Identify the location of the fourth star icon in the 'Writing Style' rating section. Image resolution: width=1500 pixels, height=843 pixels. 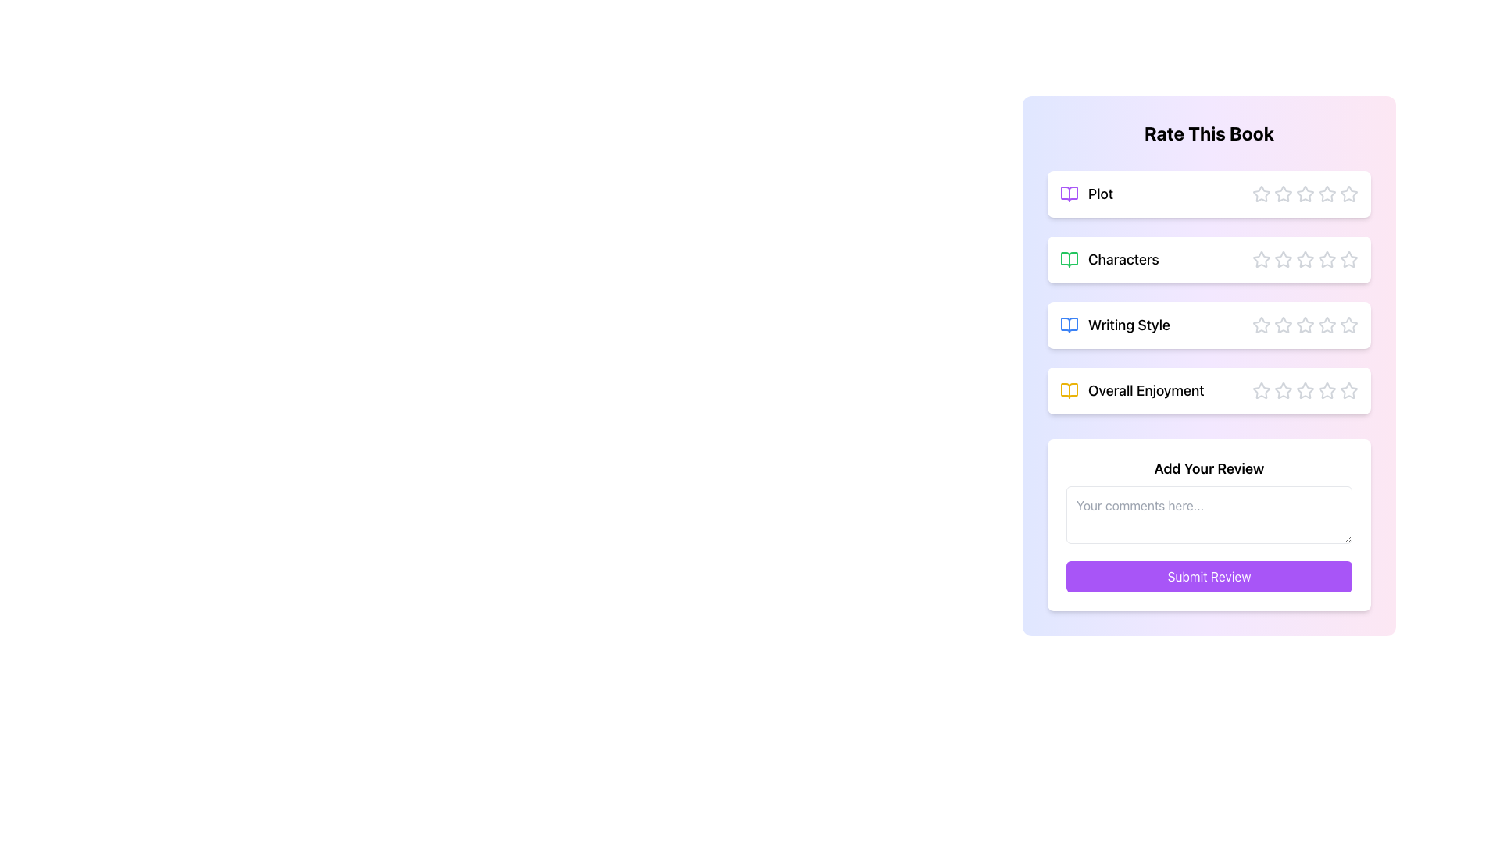
(1327, 324).